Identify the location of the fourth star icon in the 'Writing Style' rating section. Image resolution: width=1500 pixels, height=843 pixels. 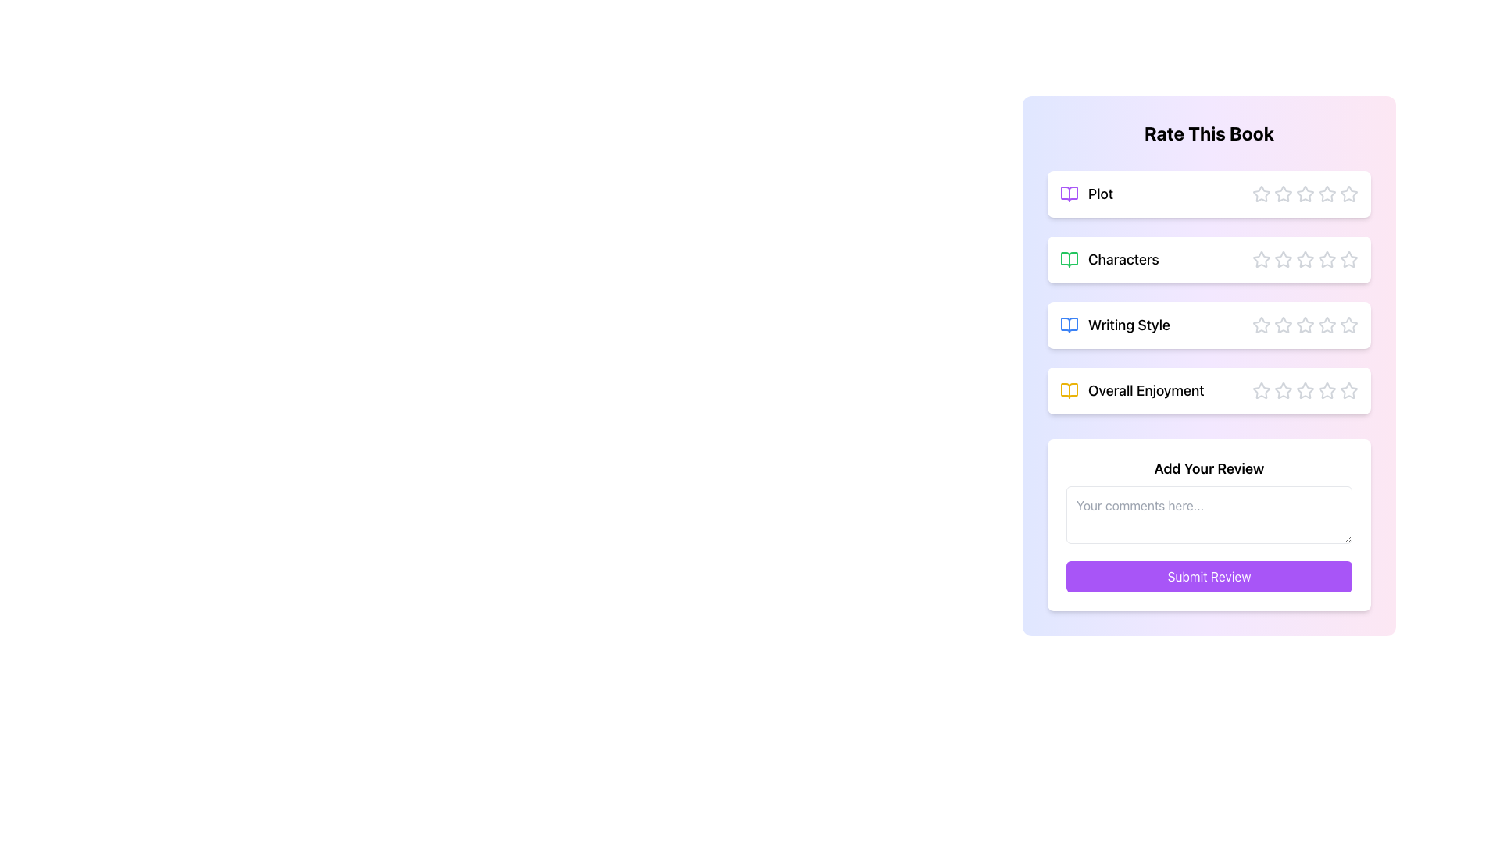
(1327, 324).